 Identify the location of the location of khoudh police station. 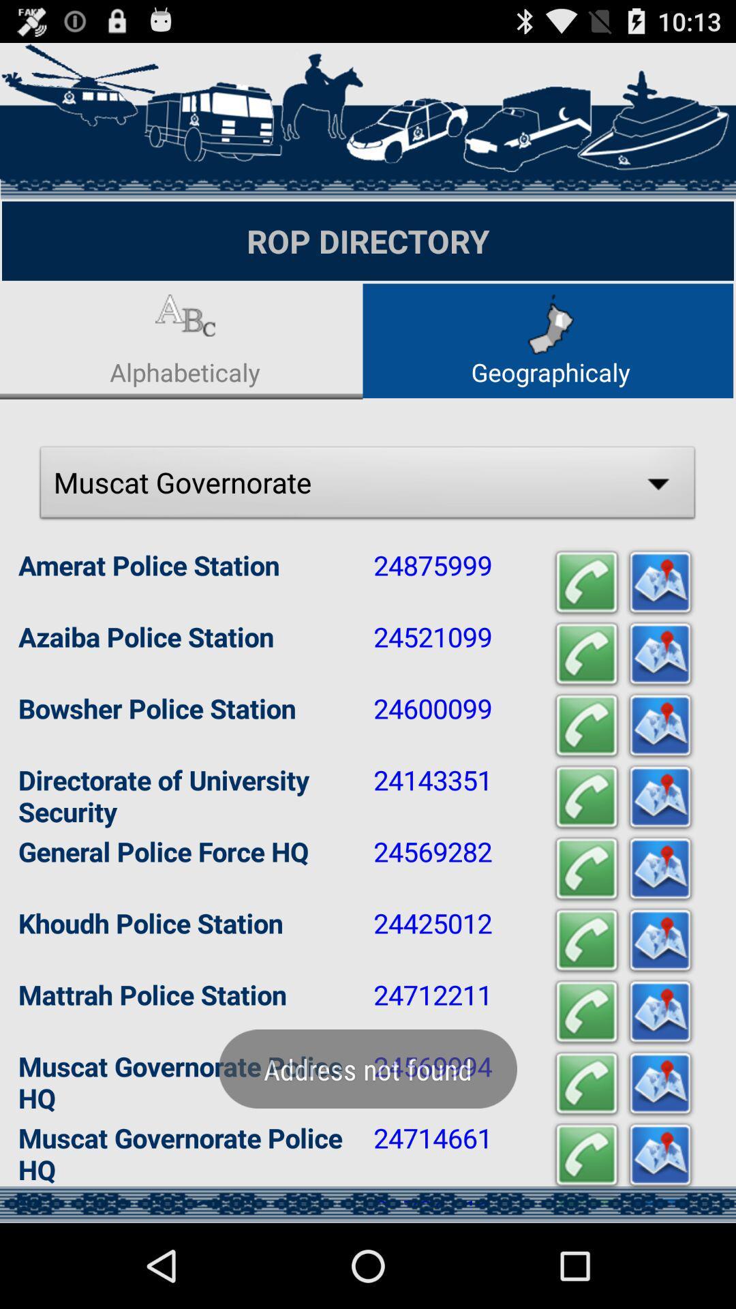
(659, 940).